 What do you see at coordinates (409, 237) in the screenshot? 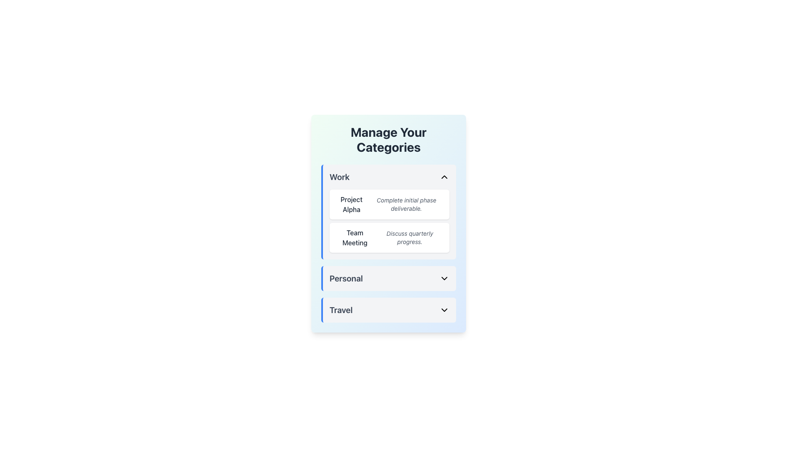
I see `the descriptive text label that provides additional information about the 'Team Meeting' entry, located to the right of the 'Team Meeting' title under the 'Work' category` at bounding box center [409, 237].